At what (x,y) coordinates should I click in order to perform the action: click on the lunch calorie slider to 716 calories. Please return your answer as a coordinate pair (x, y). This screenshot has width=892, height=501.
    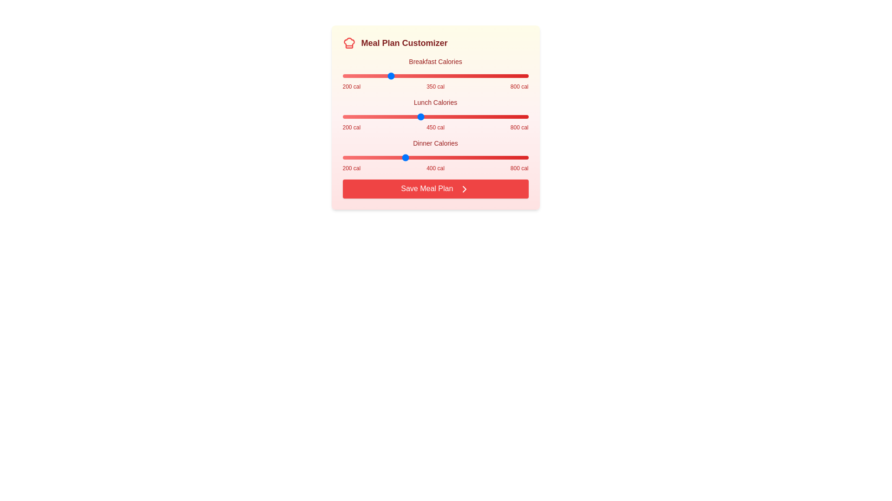
    Looking at the image, I should click on (502, 116).